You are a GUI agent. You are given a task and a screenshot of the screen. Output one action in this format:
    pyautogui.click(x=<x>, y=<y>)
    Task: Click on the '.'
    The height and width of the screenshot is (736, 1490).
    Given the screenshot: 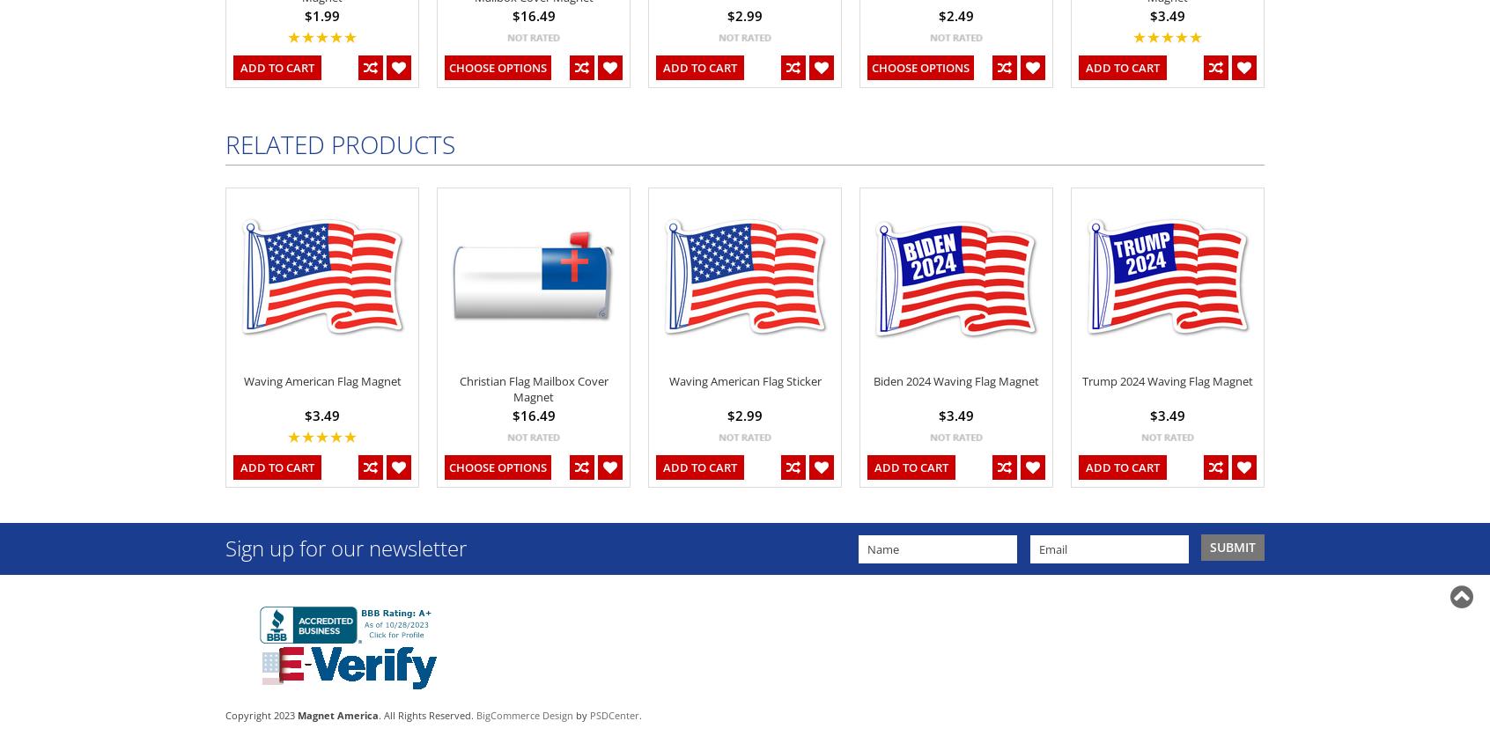 What is the action you would take?
    pyautogui.click(x=638, y=713)
    